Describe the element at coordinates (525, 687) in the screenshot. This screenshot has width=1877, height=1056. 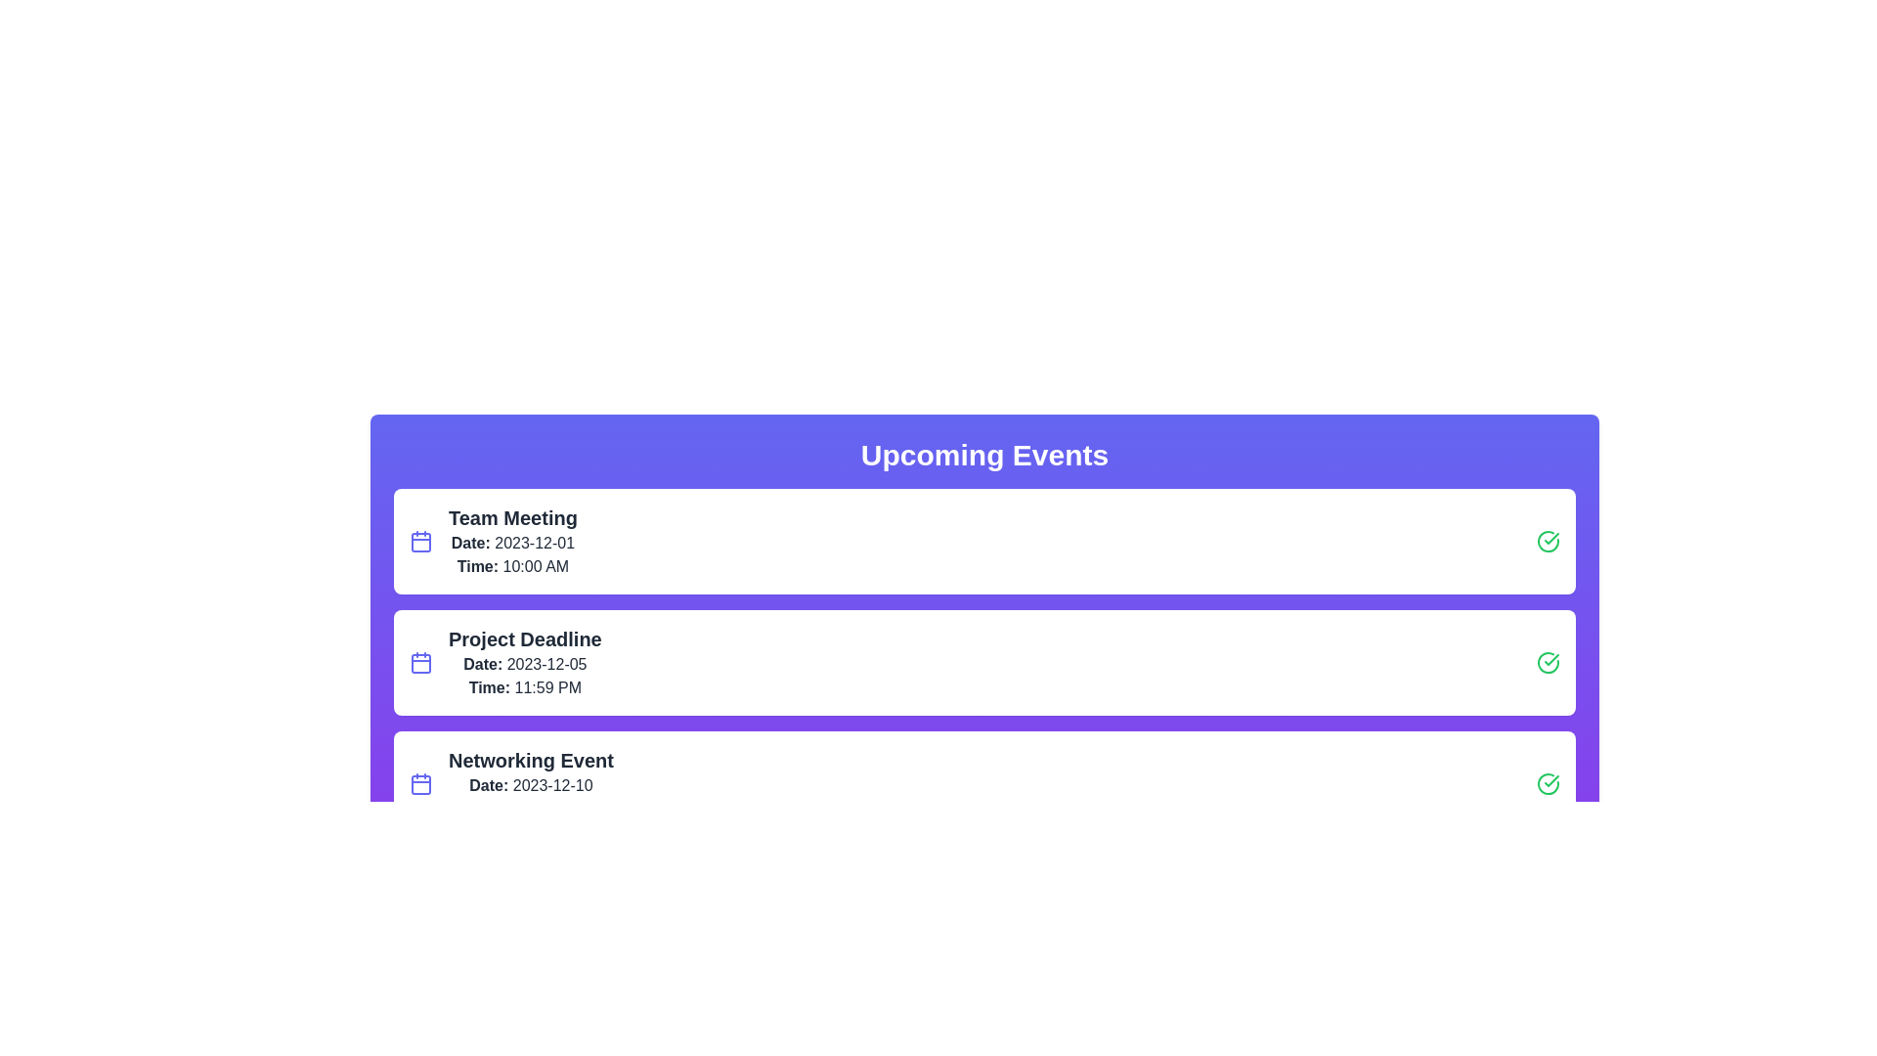
I see `the static text label displaying 'Time: 11:59 PM' which is located beneath 'Date: 2023-12-05' in the 'Project Deadline' section of the 'Upcoming Events' panel` at that location.